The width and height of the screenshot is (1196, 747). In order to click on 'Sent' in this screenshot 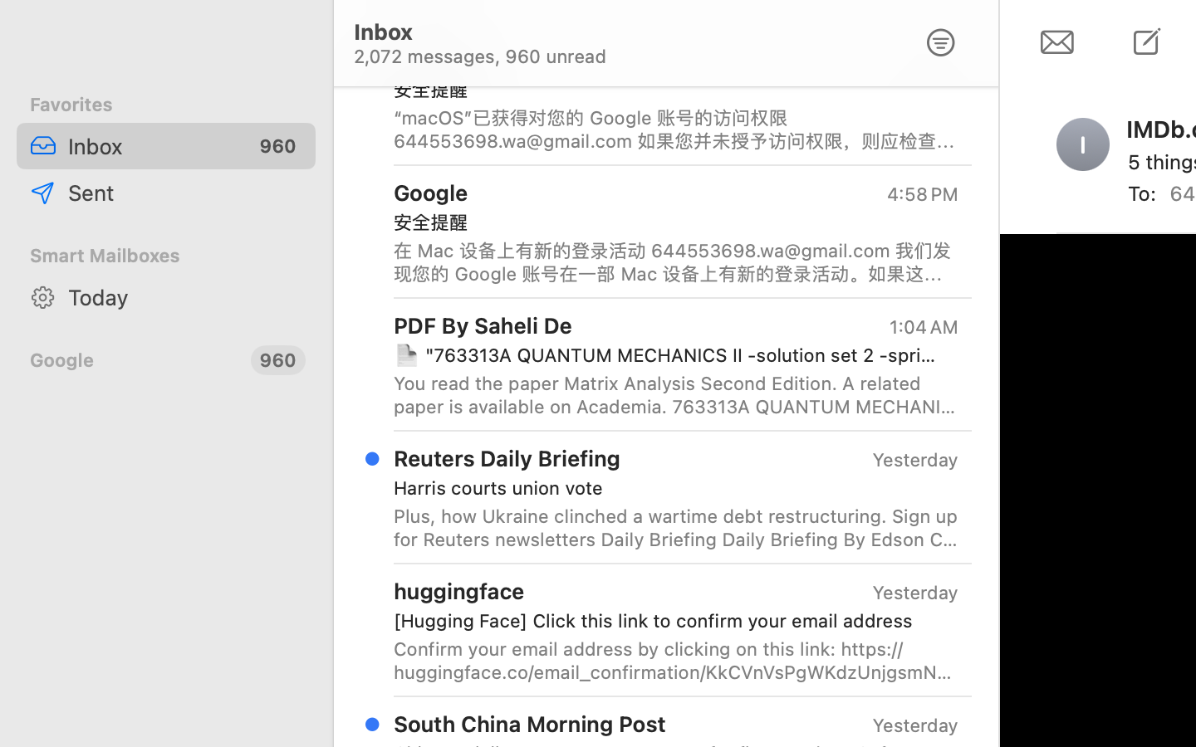, I will do `click(185, 192)`.